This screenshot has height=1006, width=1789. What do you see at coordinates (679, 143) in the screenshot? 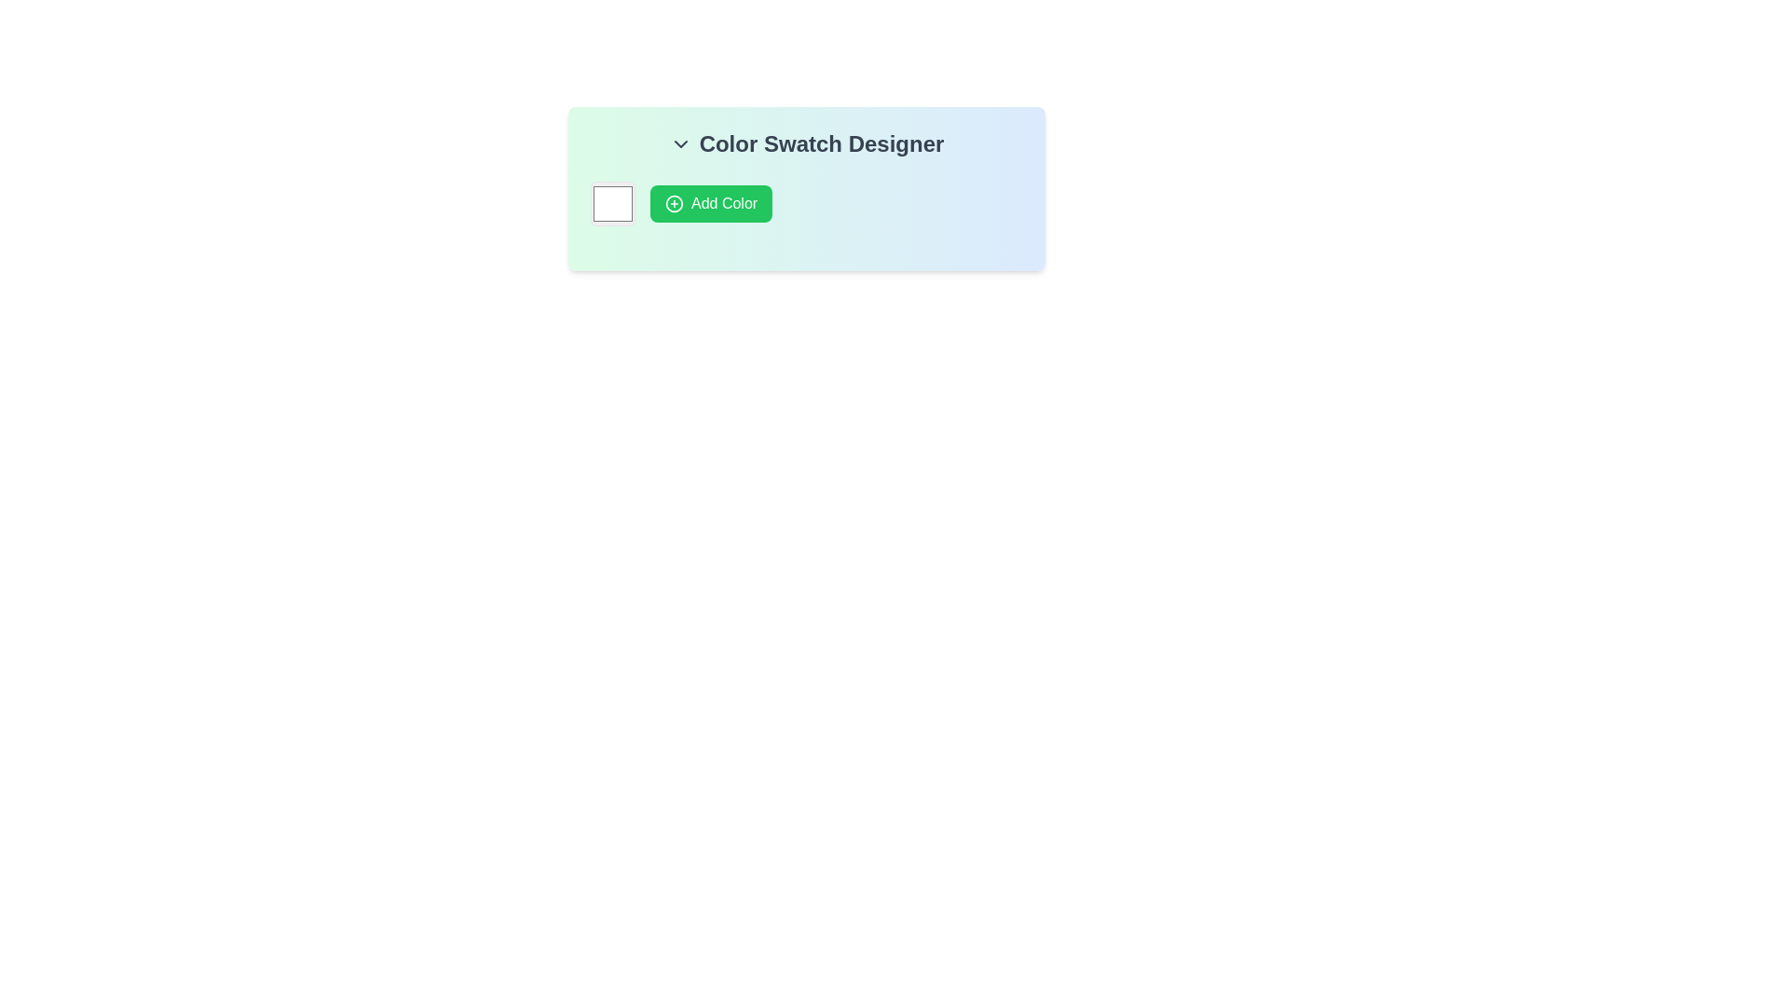
I see `the chevron down icon located to the left of the 'Color Swatch Designer' text` at bounding box center [679, 143].